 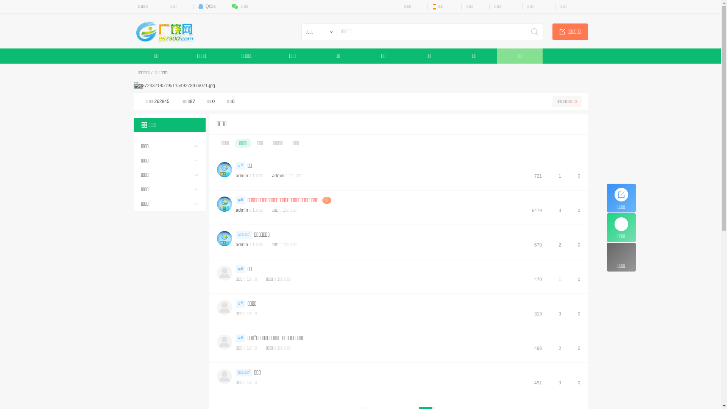 What do you see at coordinates (556, 279) in the screenshot?
I see `'1'` at bounding box center [556, 279].